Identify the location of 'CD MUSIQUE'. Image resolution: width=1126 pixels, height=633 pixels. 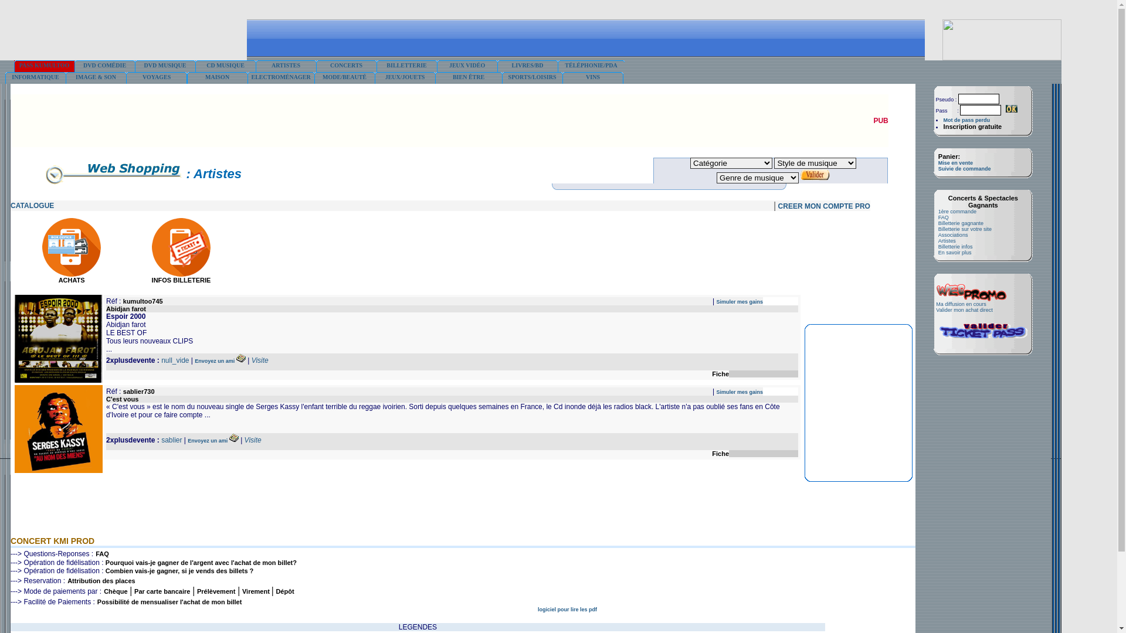
(225, 66).